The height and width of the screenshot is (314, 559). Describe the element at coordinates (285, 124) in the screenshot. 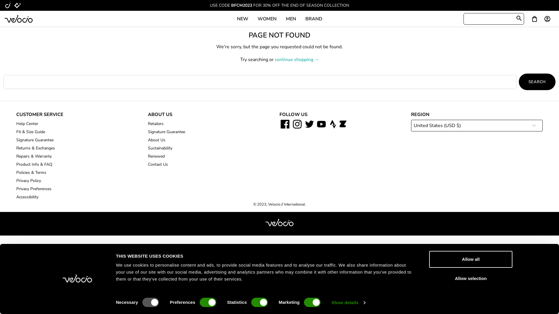

I see `'Facebook icon'` at that location.